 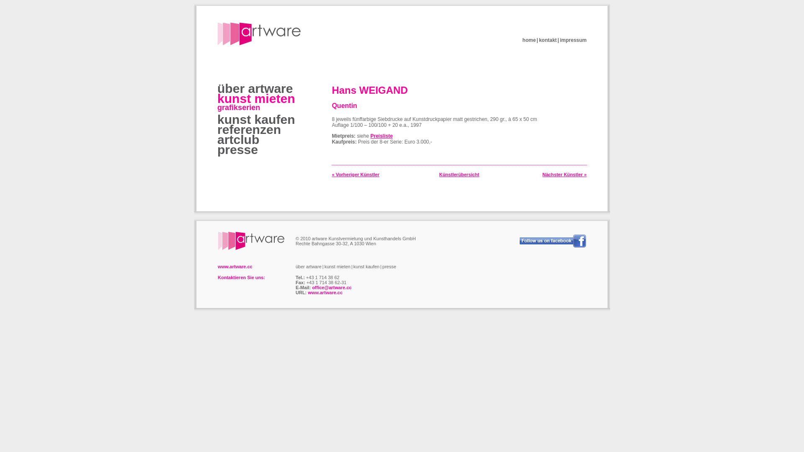 What do you see at coordinates (255, 98) in the screenshot?
I see `'kunst mieten'` at bounding box center [255, 98].